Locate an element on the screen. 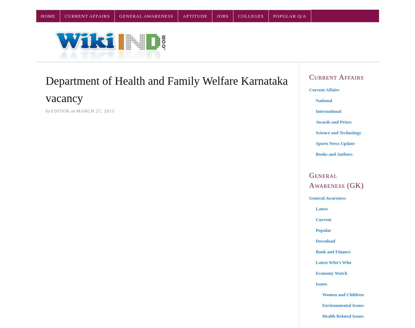 This screenshot has width=415, height=328. 'Editor' is located at coordinates (59, 111).